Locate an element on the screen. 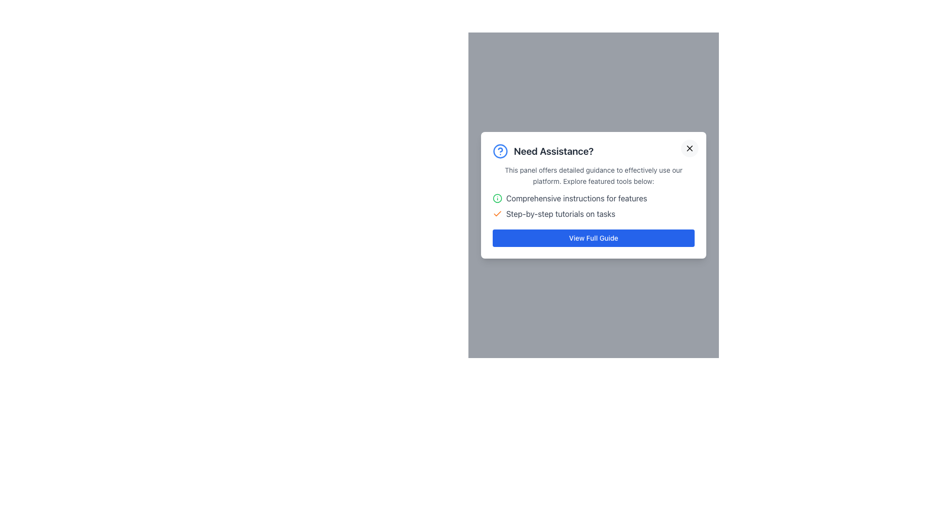 Image resolution: width=932 pixels, height=524 pixels. the circular button with a gray background and an 'X' icon in the center located in the top-right corner of the 'Need Assistance?' panel is located at coordinates (689, 148).